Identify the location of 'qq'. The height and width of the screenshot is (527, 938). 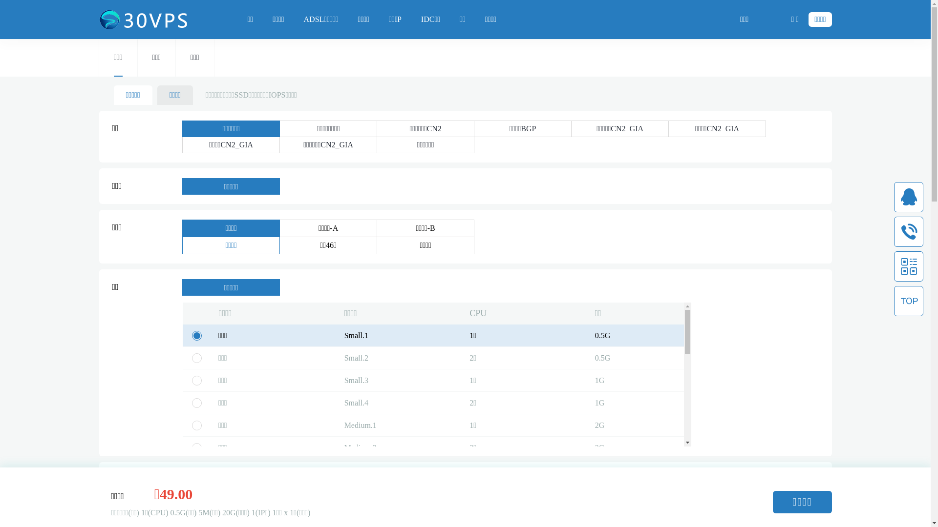
(908, 197).